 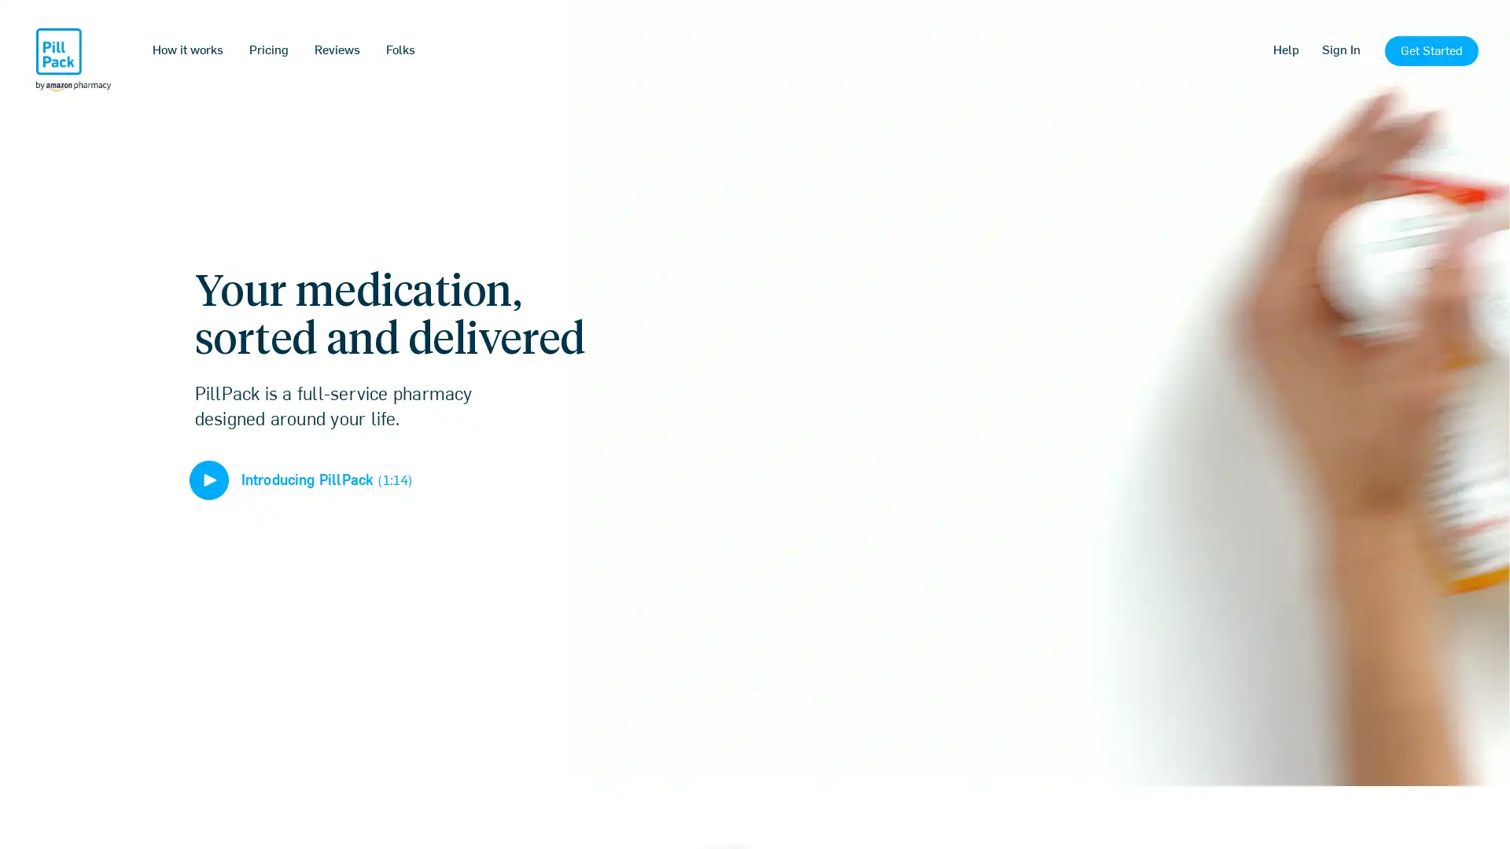 I want to click on Tell me more, so click(x=753, y=527).